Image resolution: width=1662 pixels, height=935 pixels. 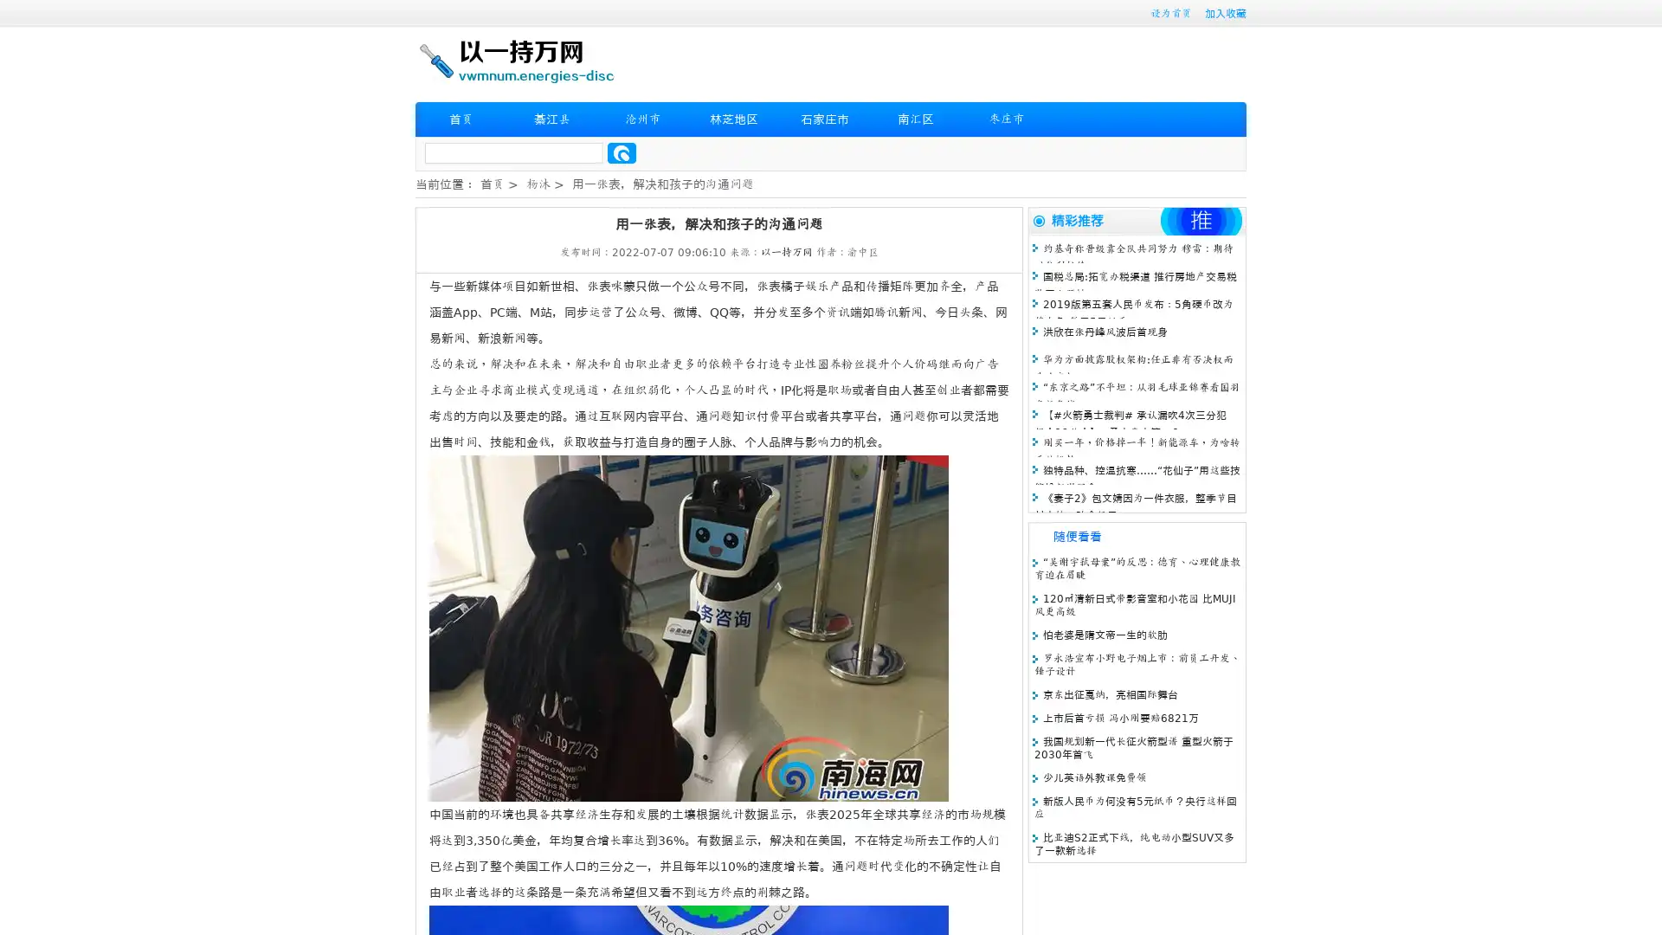 What do you see at coordinates (622, 152) in the screenshot?
I see `Search` at bounding box center [622, 152].